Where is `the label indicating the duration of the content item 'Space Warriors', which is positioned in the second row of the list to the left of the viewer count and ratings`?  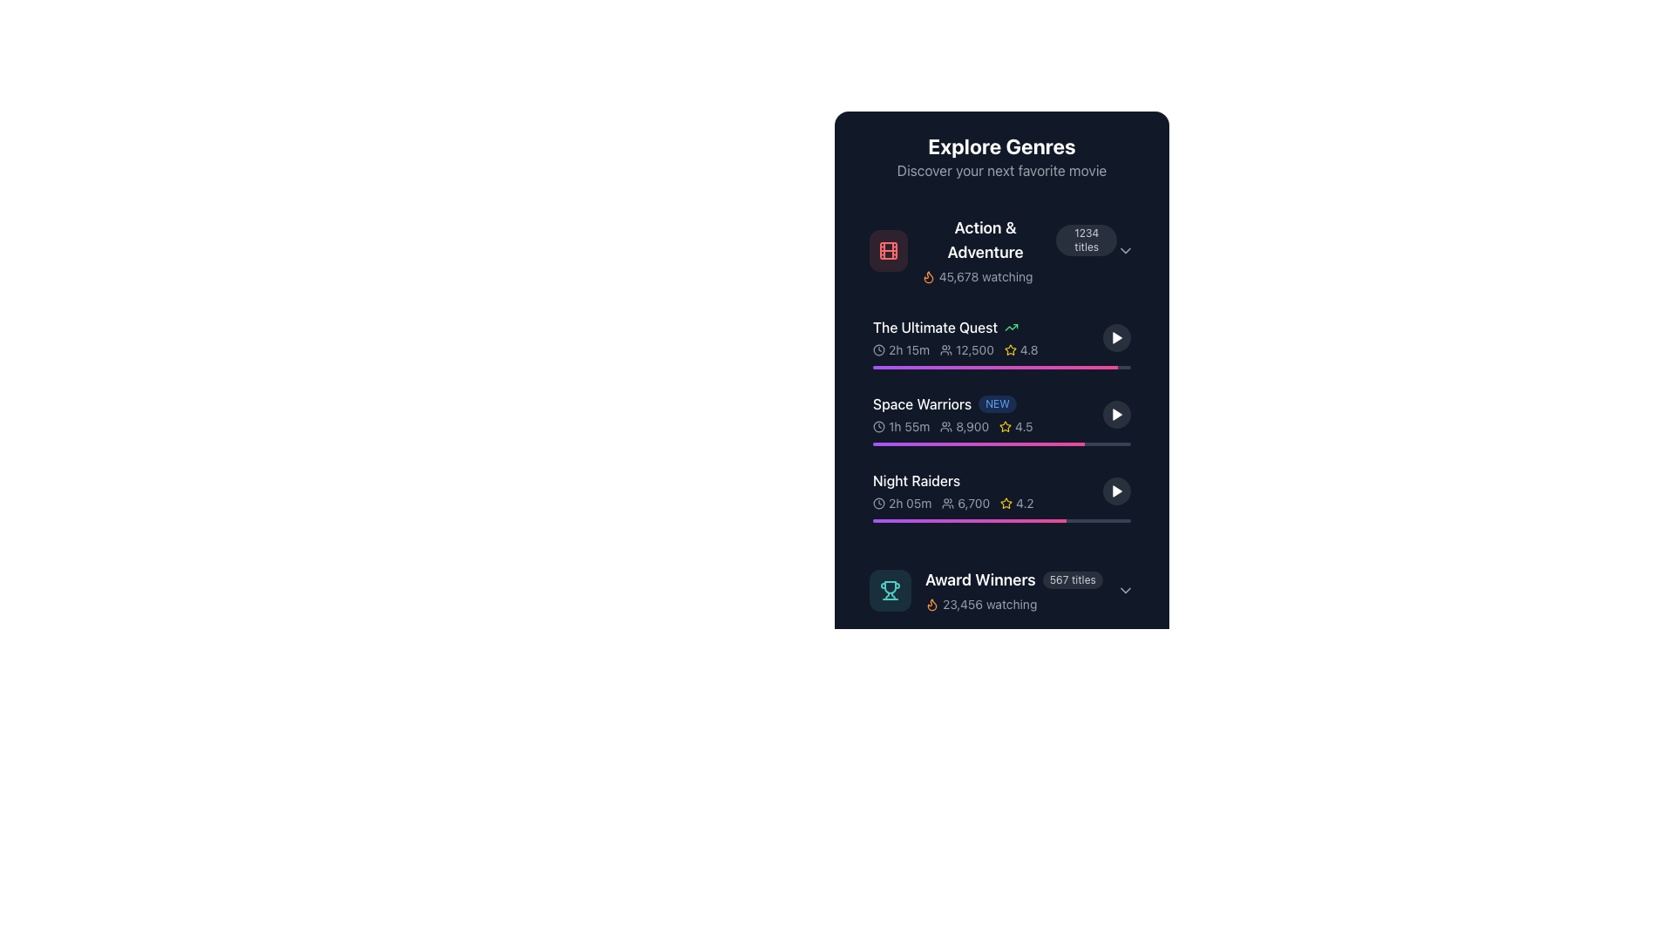 the label indicating the duration of the content item 'Space Warriors', which is positioned in the second row of the list to the left of the viewer count and ratings is located at coordinates (901, 426).